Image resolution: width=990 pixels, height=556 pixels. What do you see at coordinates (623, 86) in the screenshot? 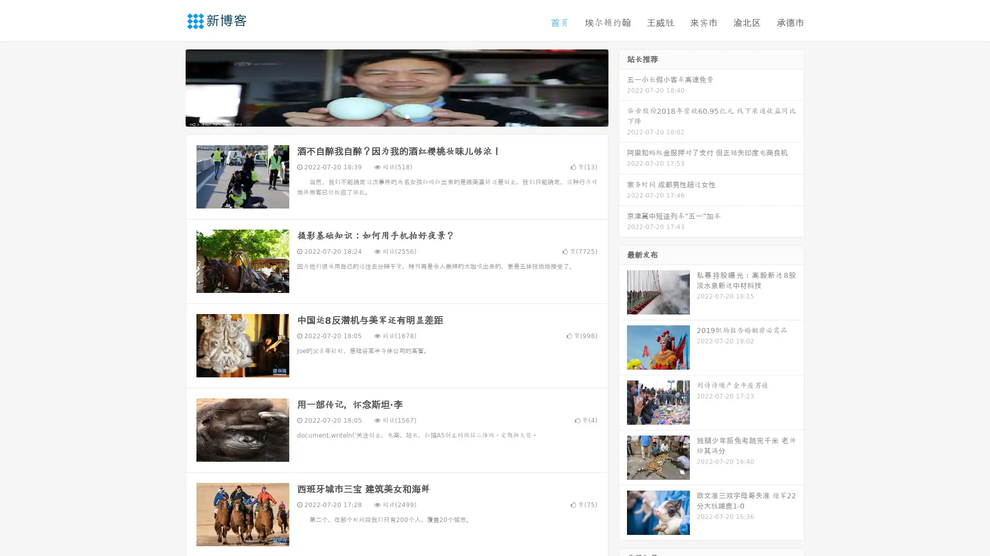
I see `Next slide` at bounding box center [623, 86].